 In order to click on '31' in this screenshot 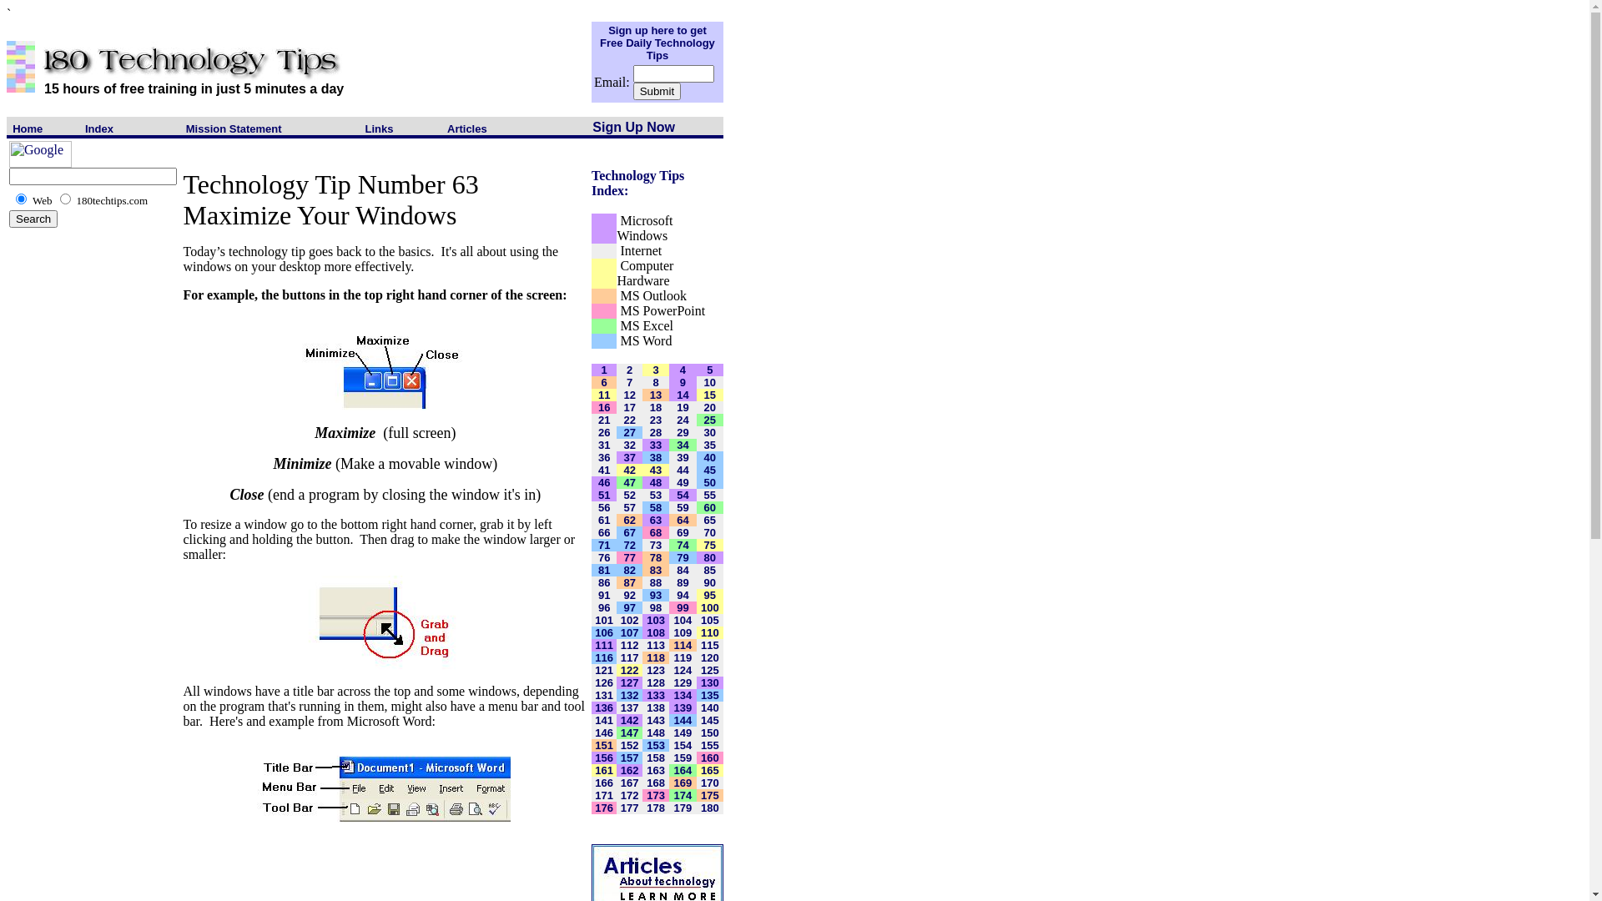, I will do `click(603, 444)`.